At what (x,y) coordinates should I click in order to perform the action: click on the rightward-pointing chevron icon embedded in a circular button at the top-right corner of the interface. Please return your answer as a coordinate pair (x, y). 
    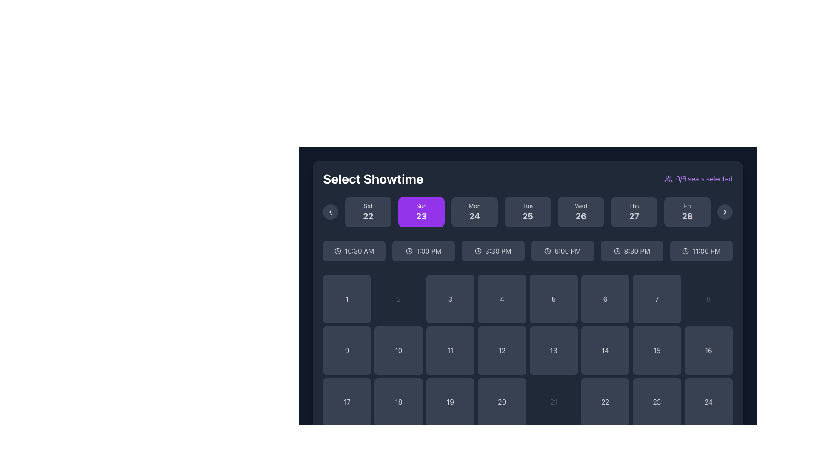
    Looking at the image, I should click on (725, 211).